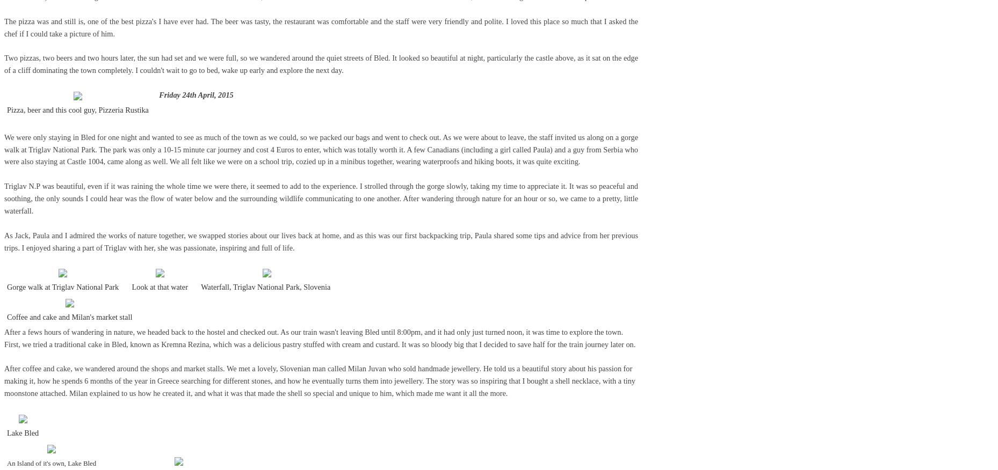 This screenshot has height=470, width=998. I want to click on 'As Jack, Paula and I admired the works of nature together, we swapped stories about our lives back at home, and as this was our first backpacking trip, Paula shared some tips and advice from her previous trips. I enjoyed sharing a part of Triglav with her, she was passionate, inspiring and full of life.', so click(321, 240).